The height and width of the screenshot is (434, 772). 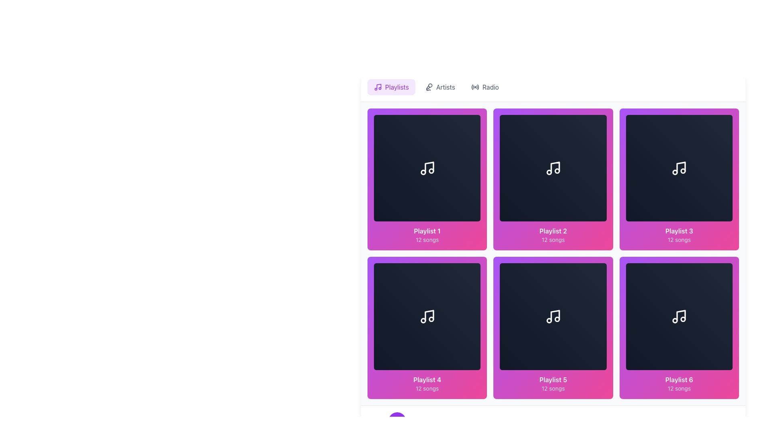 What do you see at coordinates (427, 231) in the screenshot?
I see `the Text label displaying 'Playlist 1', located at the bottom center of the card, above the subtitle '12 songs' and below a music note icon` at bounding box center [427, 231].